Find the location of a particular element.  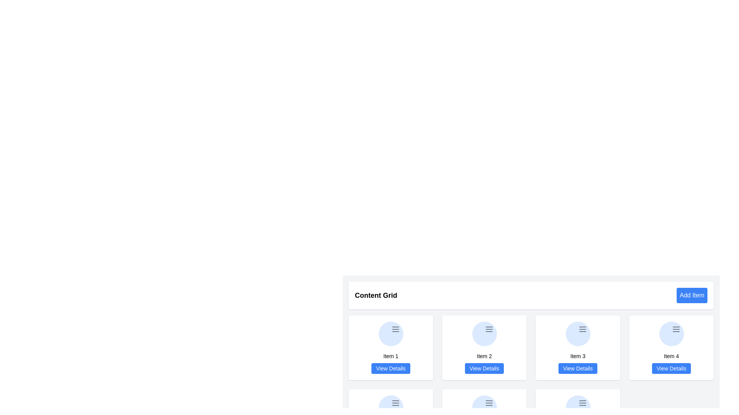

the circular icon with a light blue background and three horizontal lines, located above 'Item 1' and the 'View Details' button is located at coordinates (391, 333).